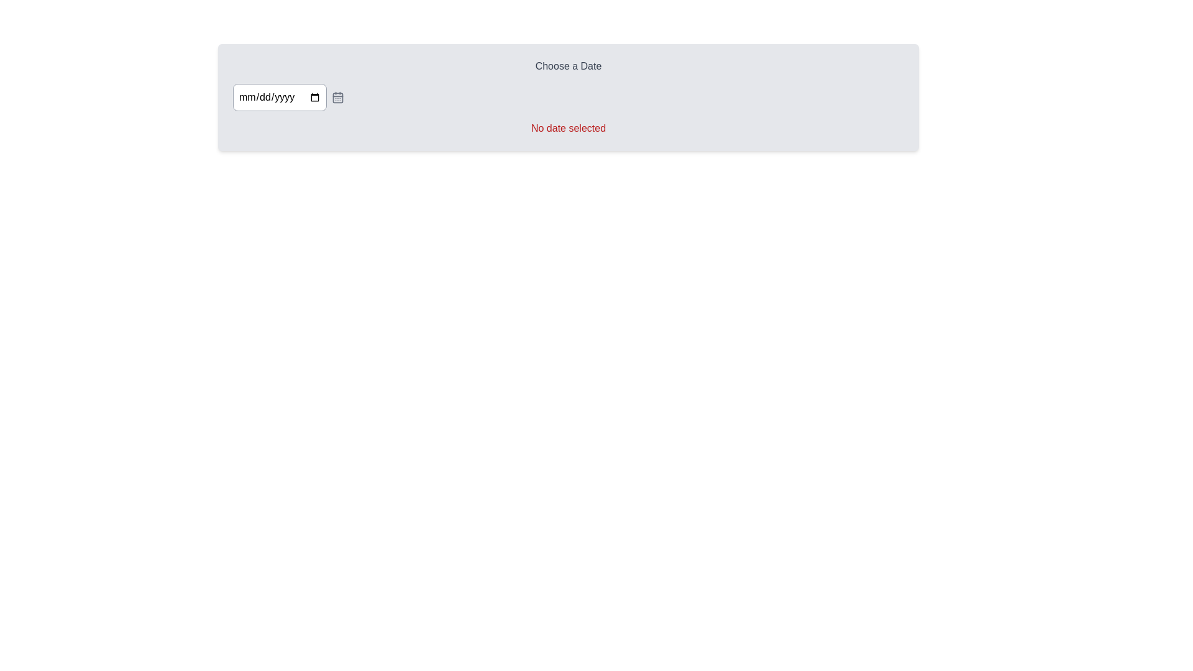 Image resolution: width=1193 pixels, height=671 pixels. Describe the element at coordinates (337, 97) in the screenshot. I see `the calendar icon, which is rectangular in shape and styled with currentColor, located immediately to the right of the date input field` at that location.